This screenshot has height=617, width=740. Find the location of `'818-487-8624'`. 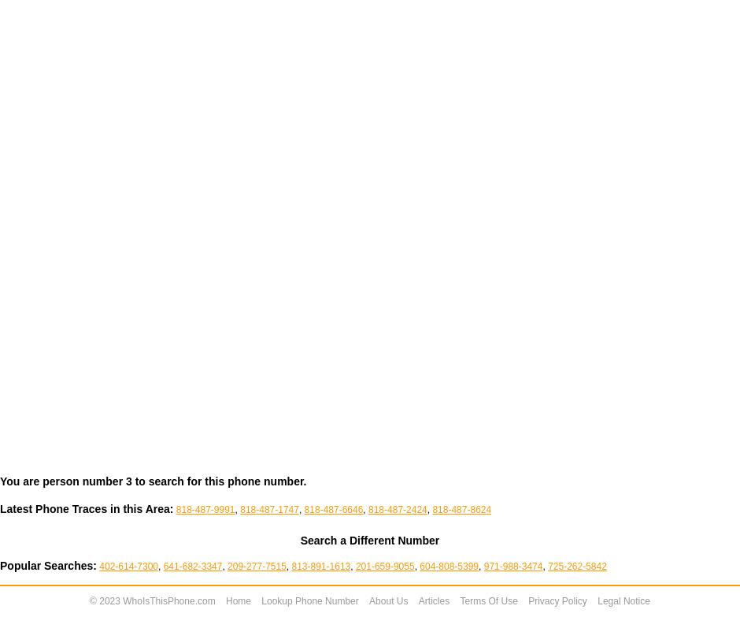

'818-487-8624' is located at coordinates (461, 508).